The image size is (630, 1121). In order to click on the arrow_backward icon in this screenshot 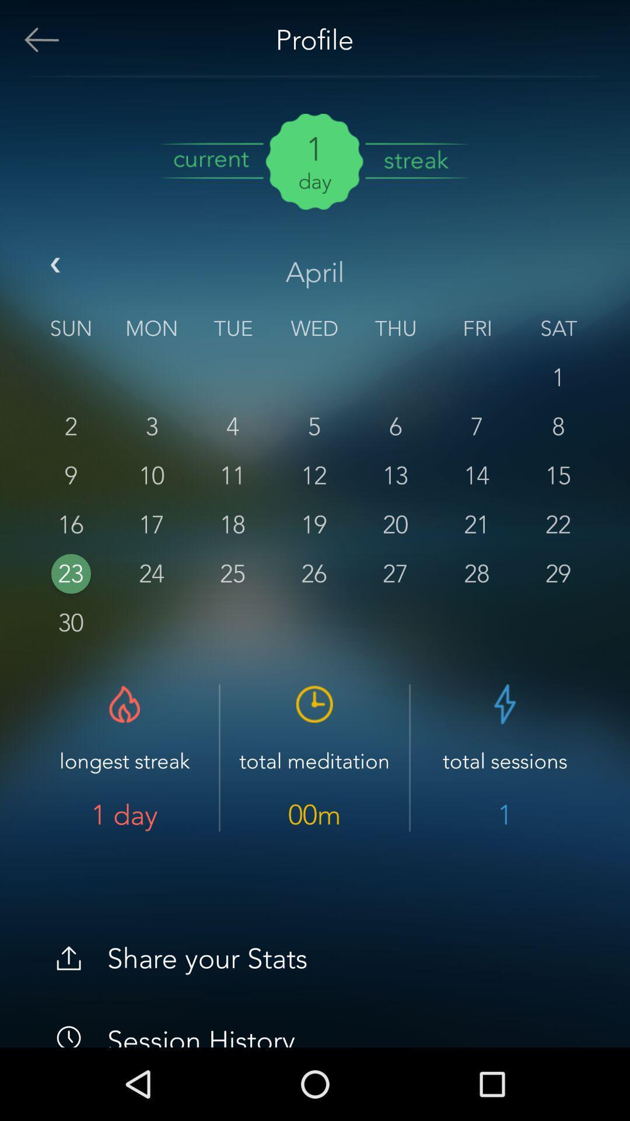, I will do `click(58, 267)`.